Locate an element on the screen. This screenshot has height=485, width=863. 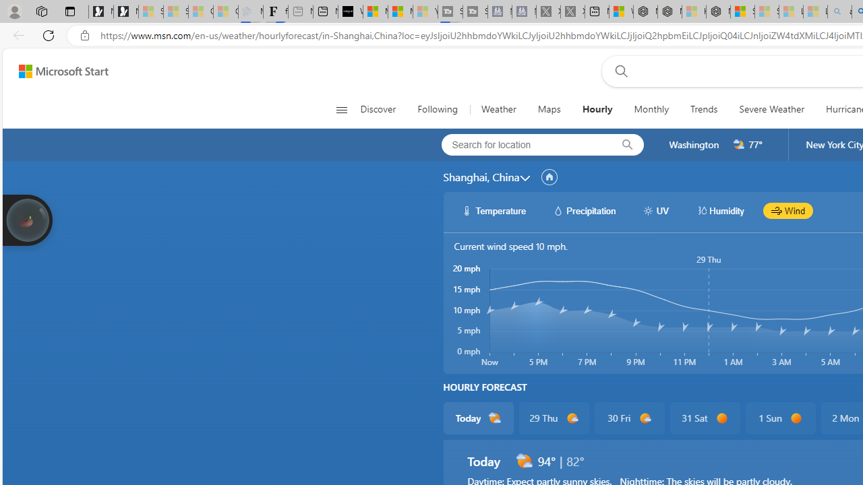
'Severe Weather' is located at coordinates (771, 109).